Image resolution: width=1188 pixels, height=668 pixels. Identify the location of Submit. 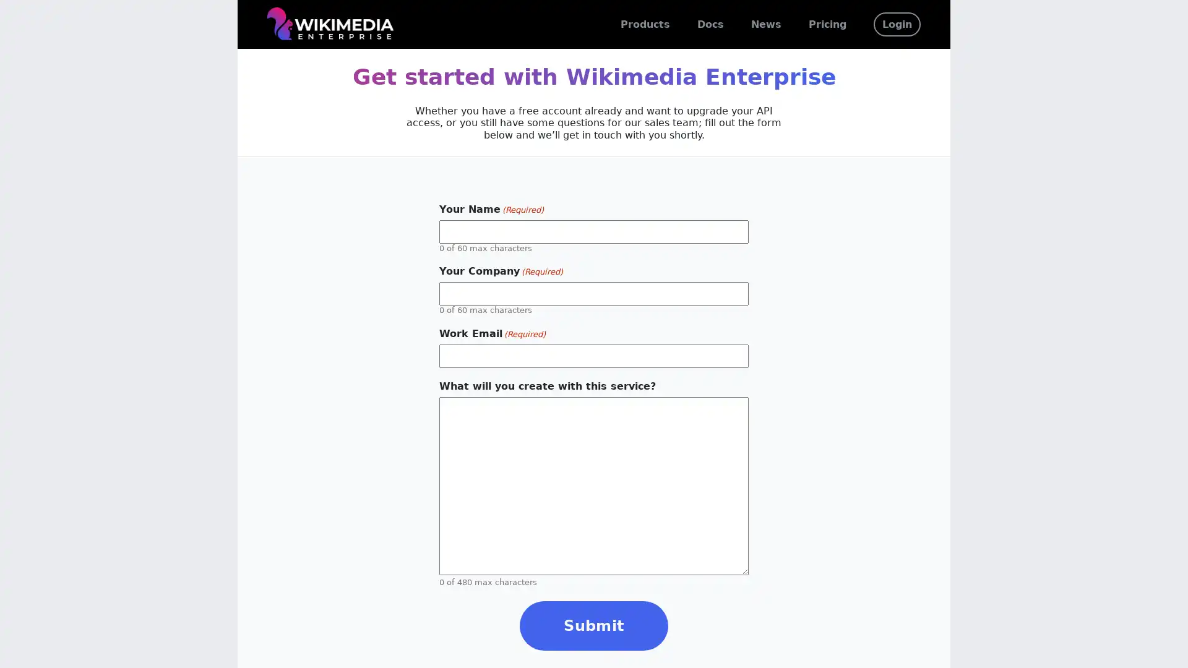
(594, 625).